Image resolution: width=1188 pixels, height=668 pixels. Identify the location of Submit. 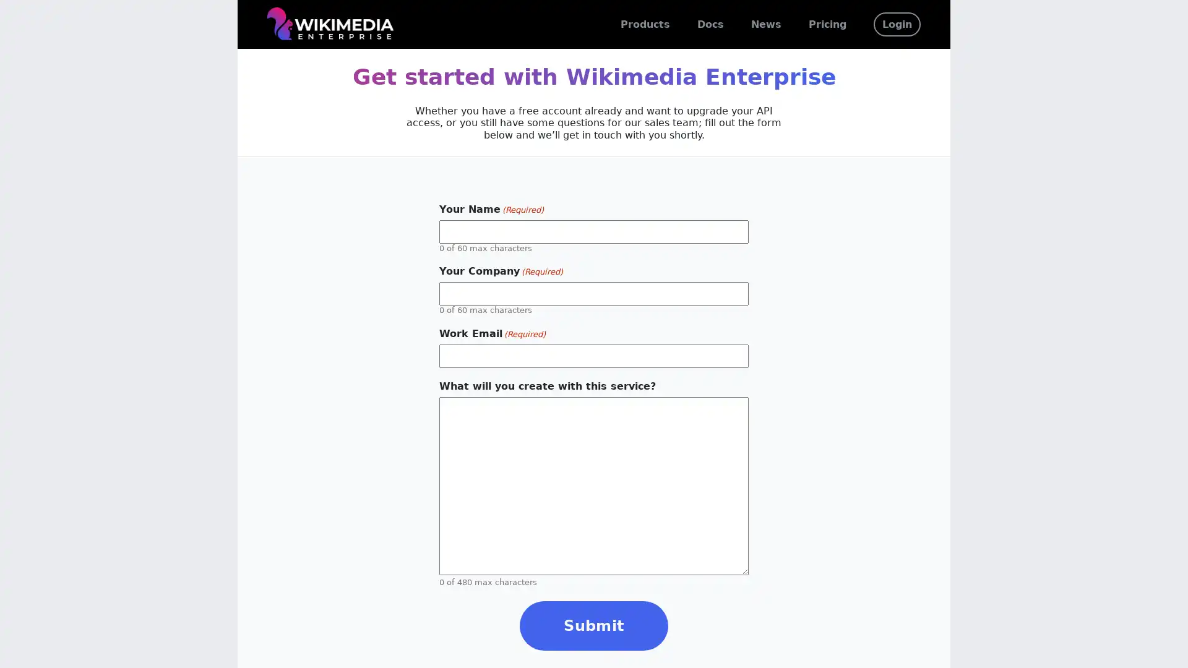
(594, 625).